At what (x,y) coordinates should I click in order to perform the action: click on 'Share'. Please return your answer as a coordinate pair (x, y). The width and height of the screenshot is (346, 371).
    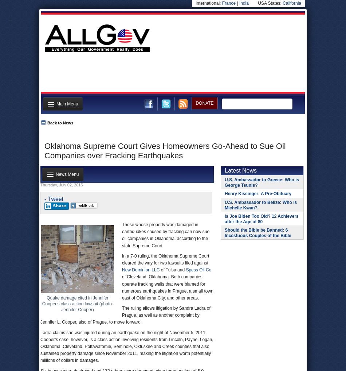
    Looking at the image, I should click on (59, 206).